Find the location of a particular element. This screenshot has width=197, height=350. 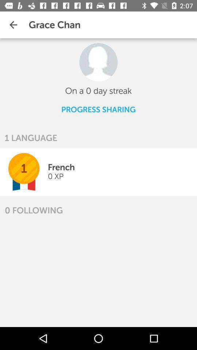

french item is located at coordinates (61, 167).